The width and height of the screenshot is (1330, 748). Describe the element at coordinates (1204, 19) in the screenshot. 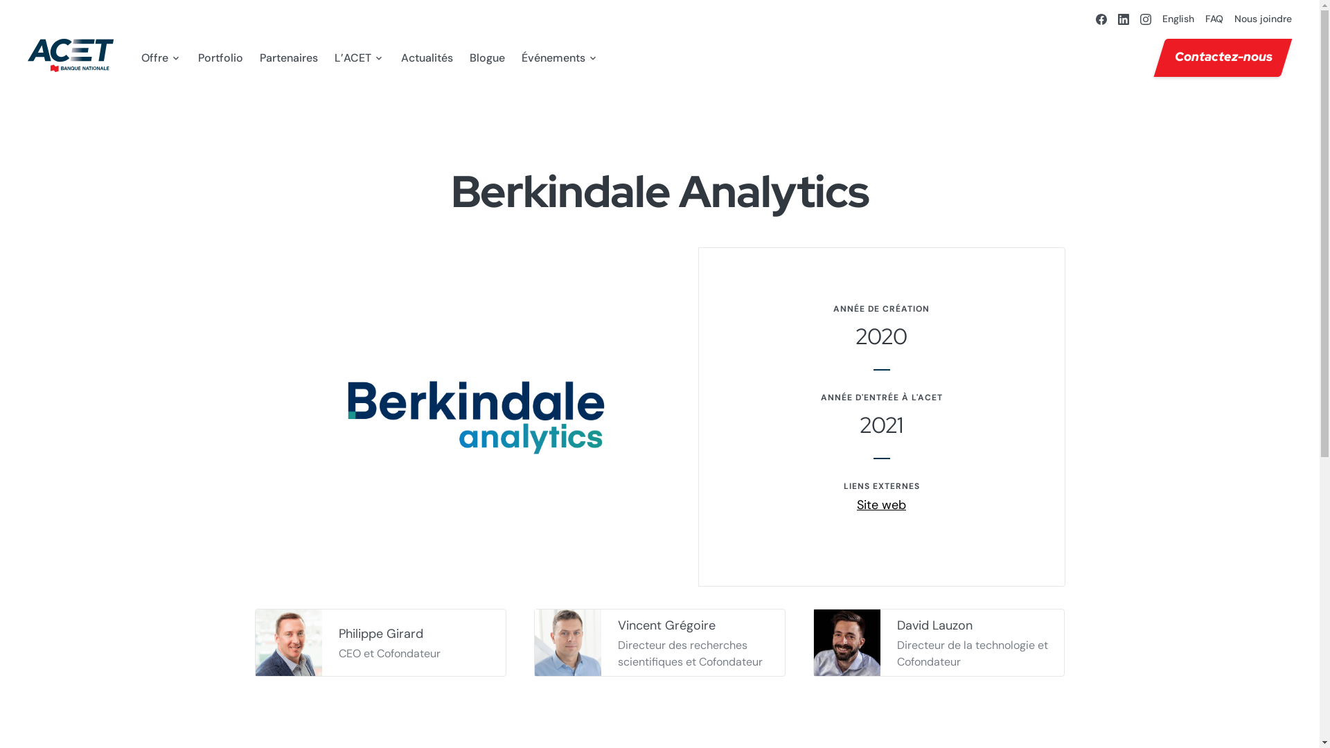

I see `'FAQ'` at that location.